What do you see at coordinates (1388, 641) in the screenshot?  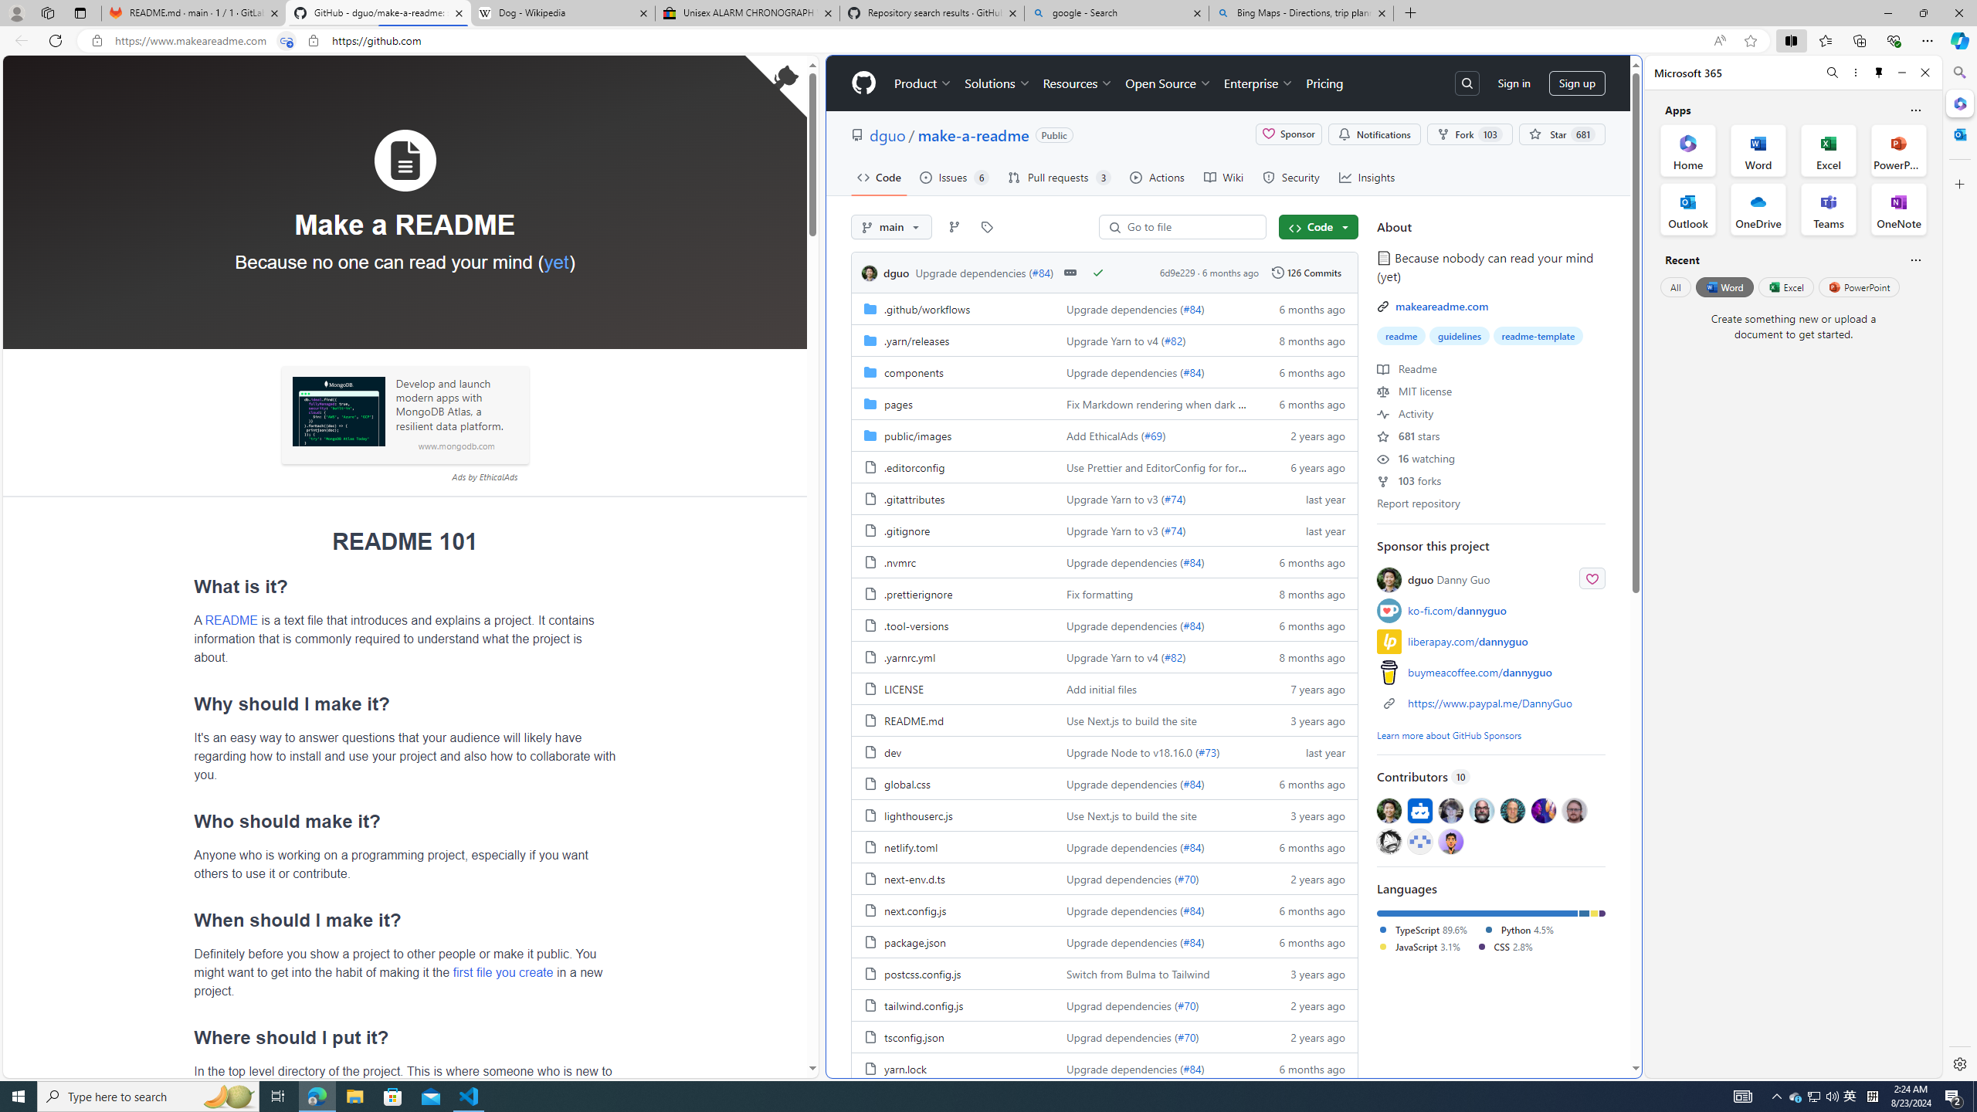 I see `'liberapay'` at bounding box center [1388, 641].